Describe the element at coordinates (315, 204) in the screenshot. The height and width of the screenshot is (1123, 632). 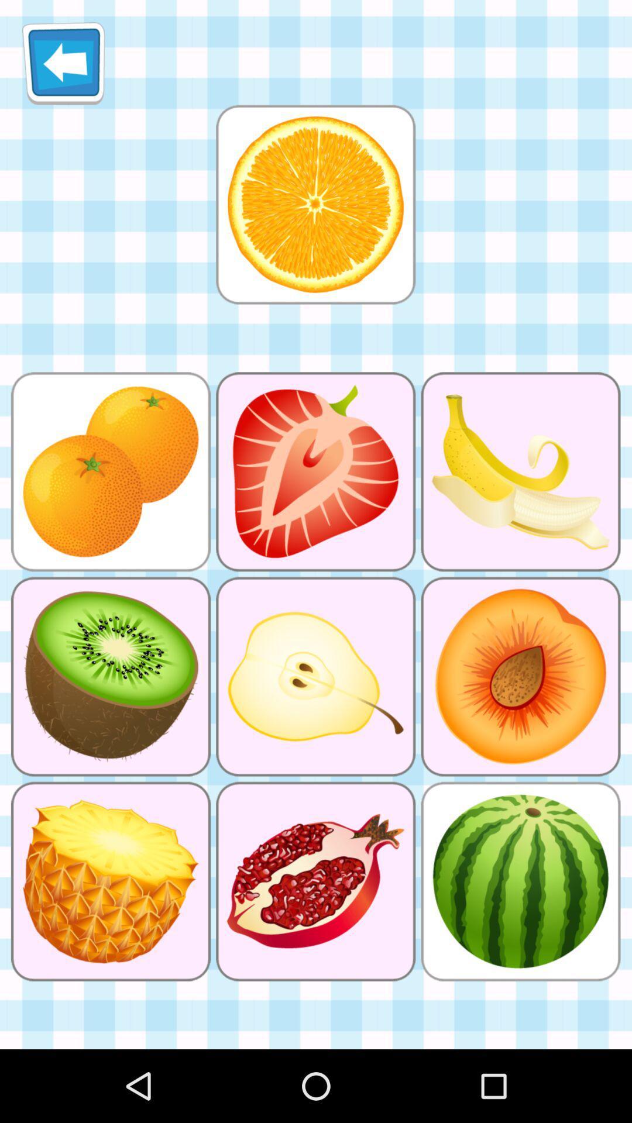
I see `selection` at that location.